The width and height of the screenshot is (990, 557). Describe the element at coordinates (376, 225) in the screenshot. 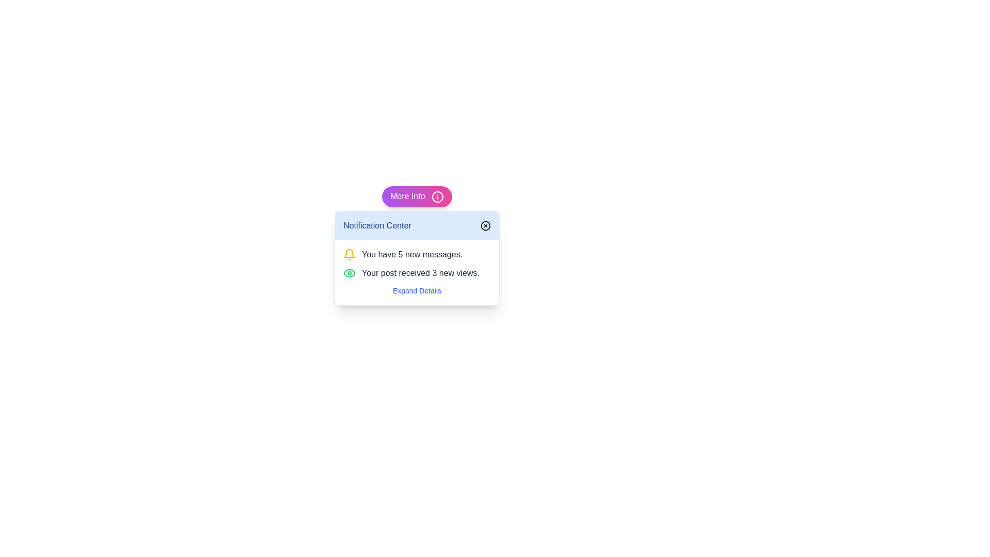

I see `the 'Notification Center' text label which is displayed in bold and dark blue font at the top of the section with a light blue background` at that location.